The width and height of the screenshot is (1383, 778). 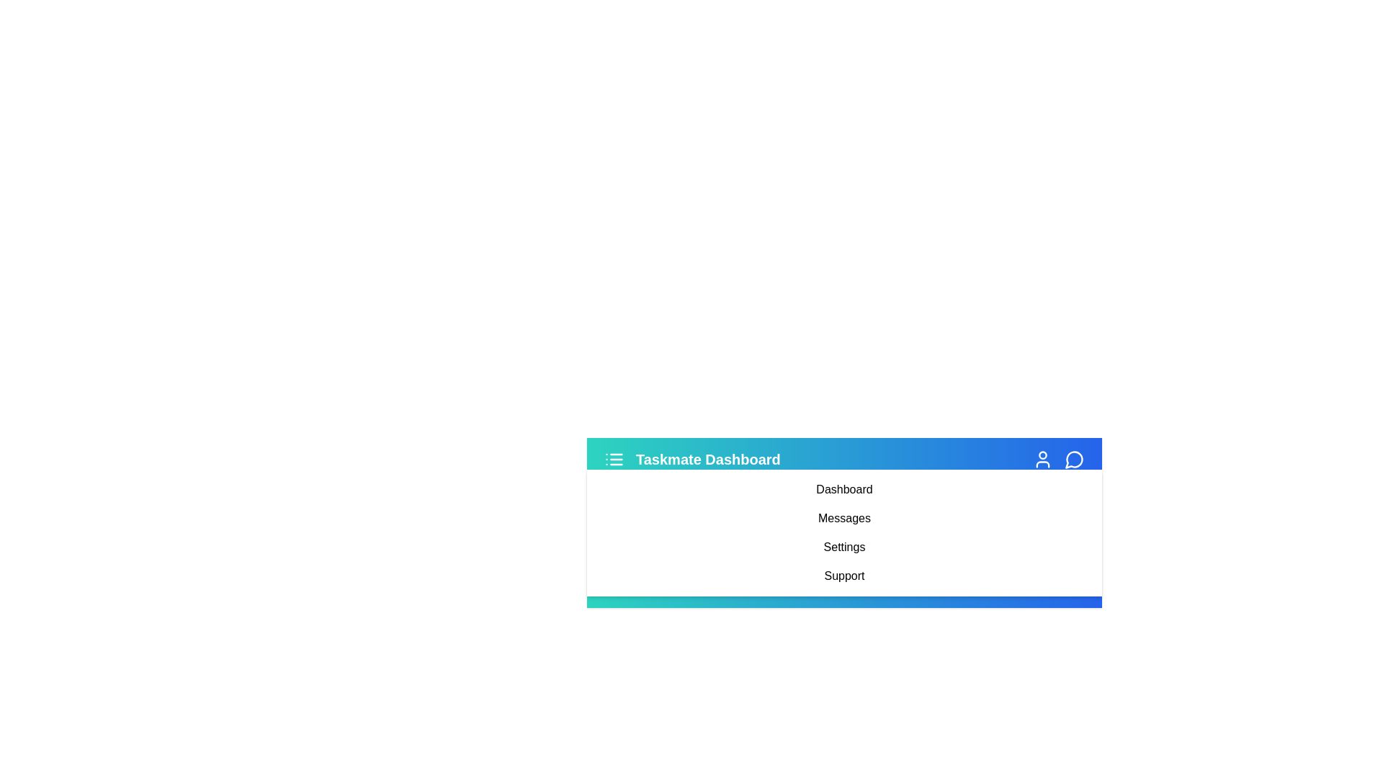 I want to click on the 'User' icon to access user-related actions, so click(x=1043, y=459).